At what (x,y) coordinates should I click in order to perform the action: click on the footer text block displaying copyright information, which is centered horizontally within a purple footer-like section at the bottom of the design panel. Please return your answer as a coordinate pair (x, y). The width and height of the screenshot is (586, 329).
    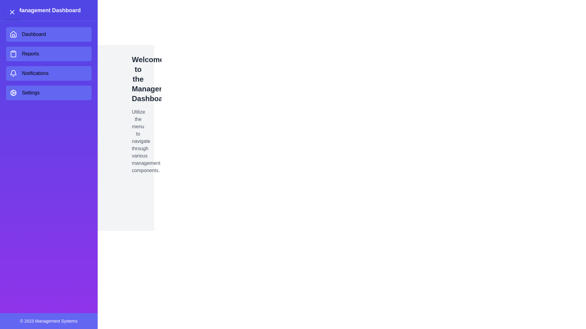
    Looking at the image, I should click on (48, 320).